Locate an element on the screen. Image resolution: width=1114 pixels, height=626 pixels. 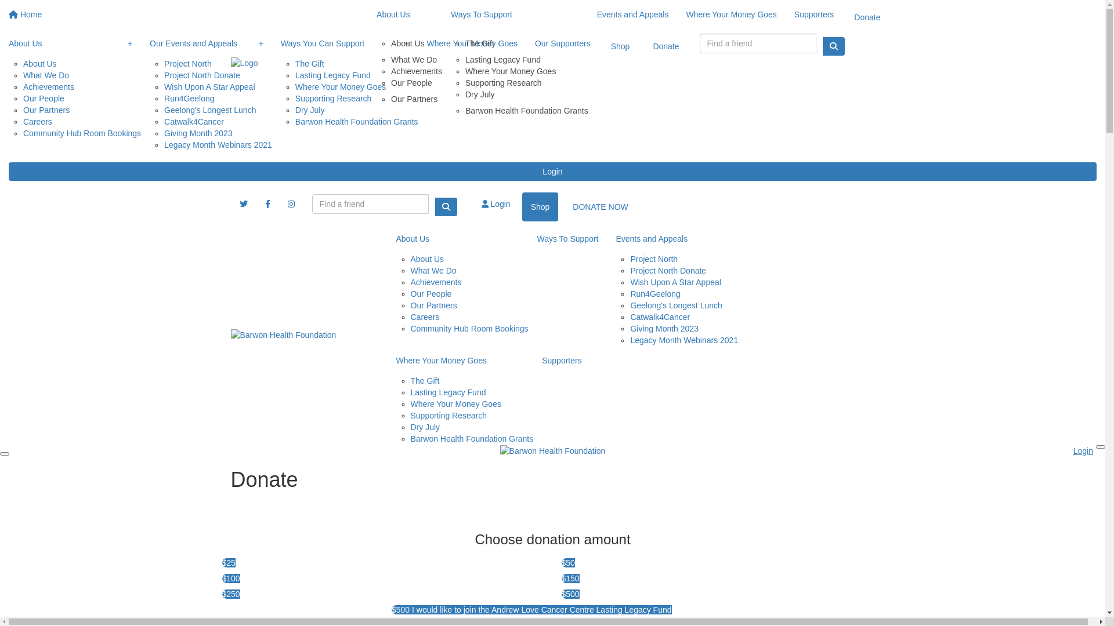
'What We Do' is located at coordinates (46, 75).